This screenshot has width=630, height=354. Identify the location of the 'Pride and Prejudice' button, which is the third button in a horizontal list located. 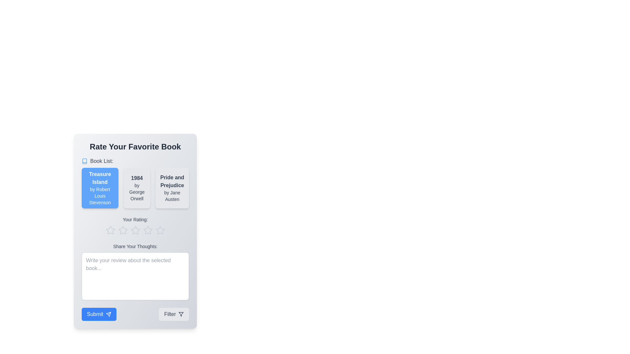
(172, 188).